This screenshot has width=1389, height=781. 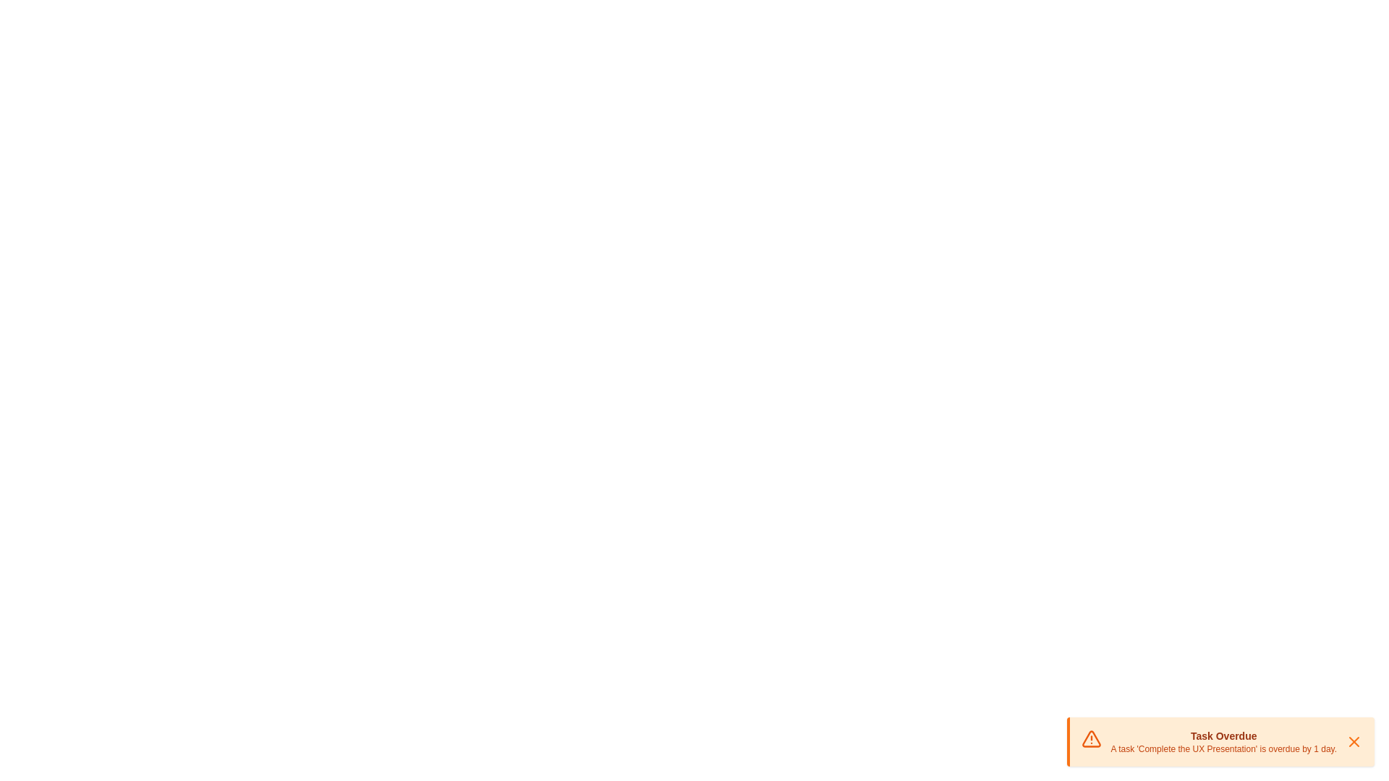 What do you see at coordinates (1354, 742) in the screenshot?
I see `the close button to dismiss the notification` at bounding box center [1354, 742].